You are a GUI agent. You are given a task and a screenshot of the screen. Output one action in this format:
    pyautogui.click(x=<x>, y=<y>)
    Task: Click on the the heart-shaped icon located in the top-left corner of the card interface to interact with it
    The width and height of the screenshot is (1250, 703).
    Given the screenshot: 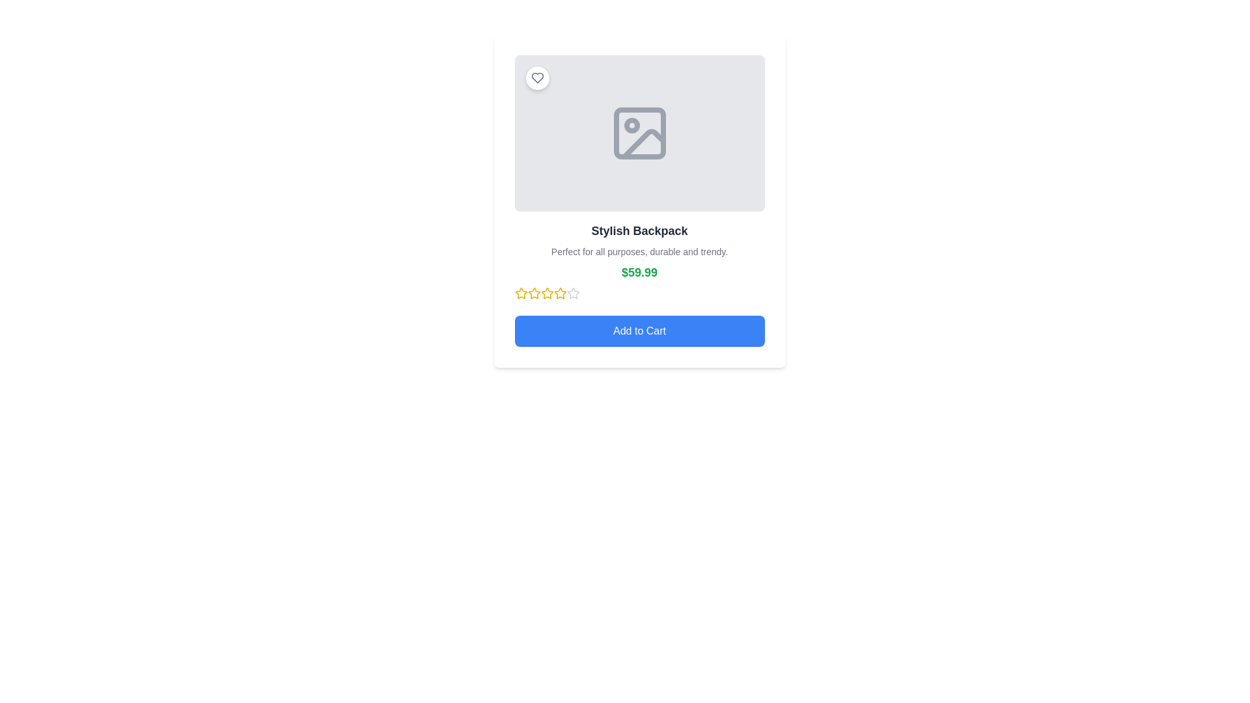 What is the action you would take?
    pyautogui.click(x=537, y=77)
    